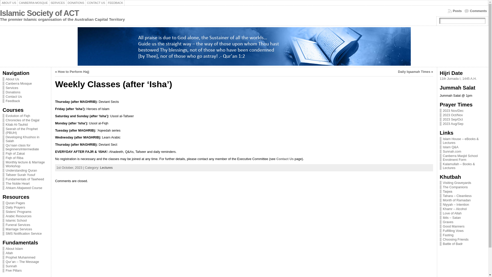 This screenshot has width=492, height=277. Describe the element at coordinates (453, 230) in the screenshot. I see `'Fulfilling Vows'` at that location.